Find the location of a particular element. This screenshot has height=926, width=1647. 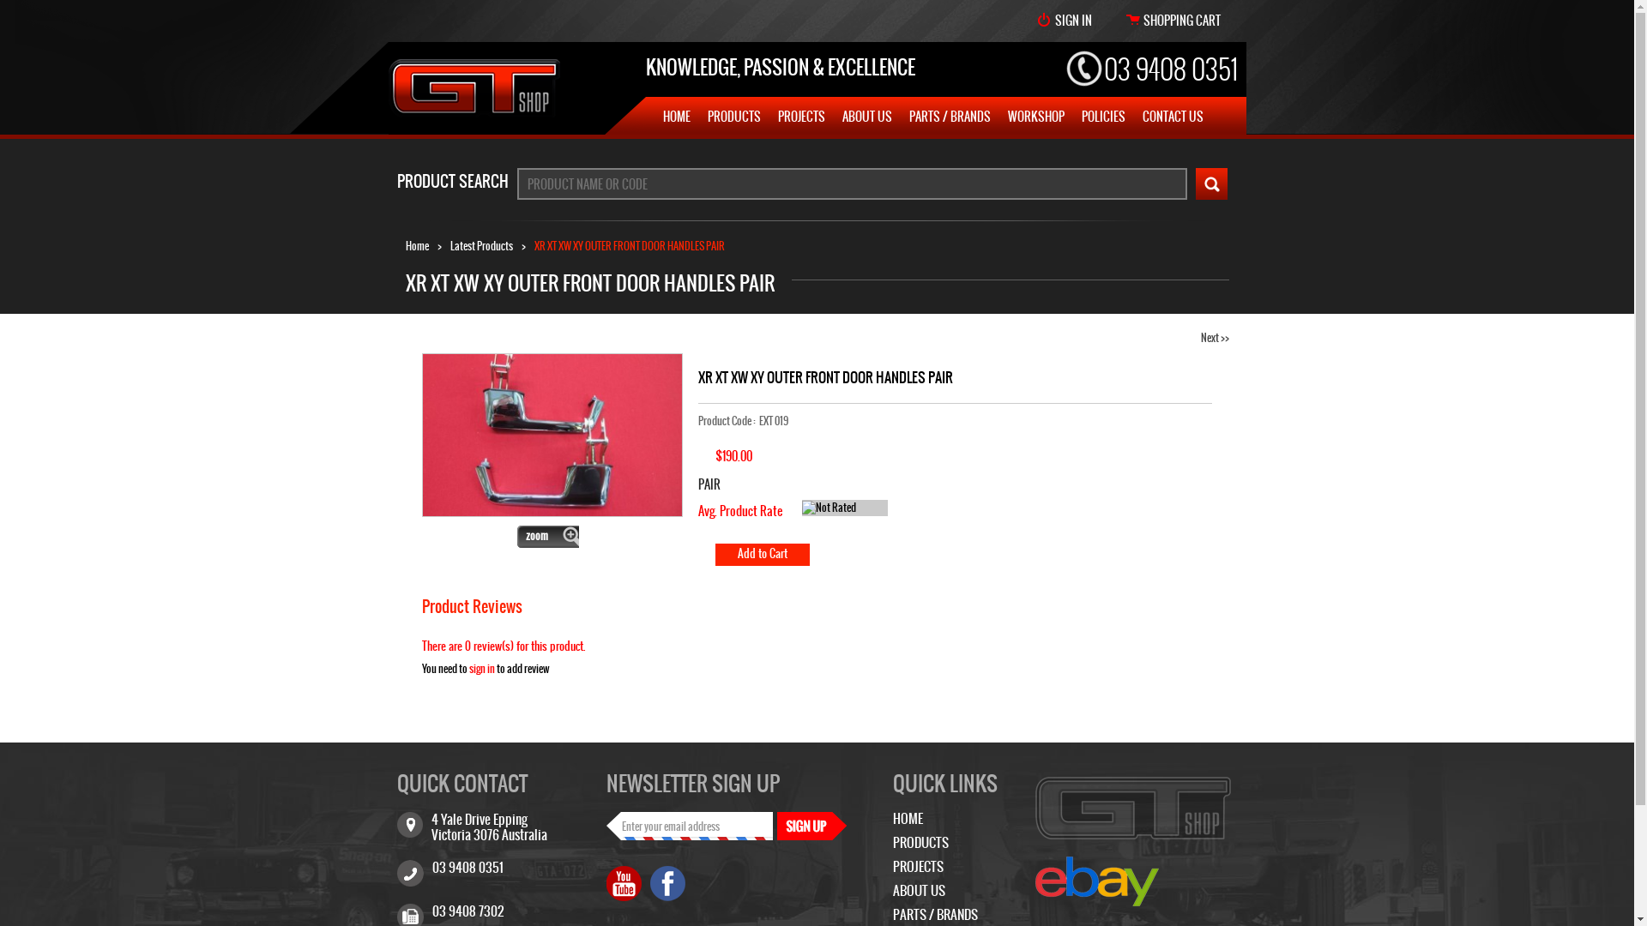

'Add to Cart' is located at coordinates (761, 555).